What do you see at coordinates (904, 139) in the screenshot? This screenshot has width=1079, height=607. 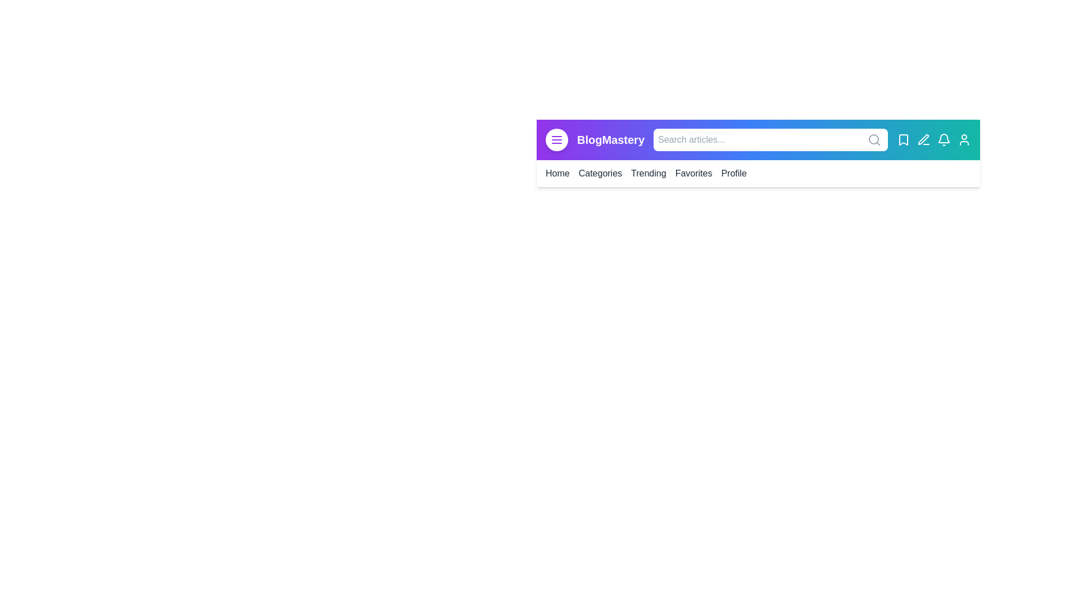 I see `the Bookmark icon to perform its action` at bounding box center [904, 139].